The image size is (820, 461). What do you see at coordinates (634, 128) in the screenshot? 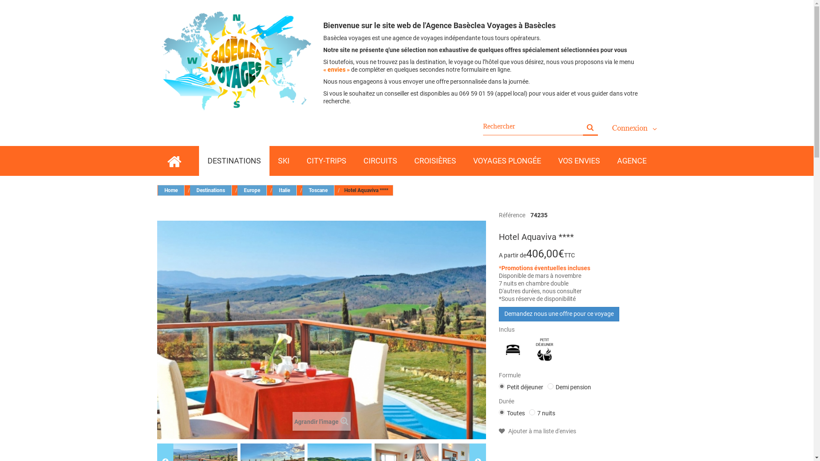
I see `'Connexion'` at bounding box center [634, 128].